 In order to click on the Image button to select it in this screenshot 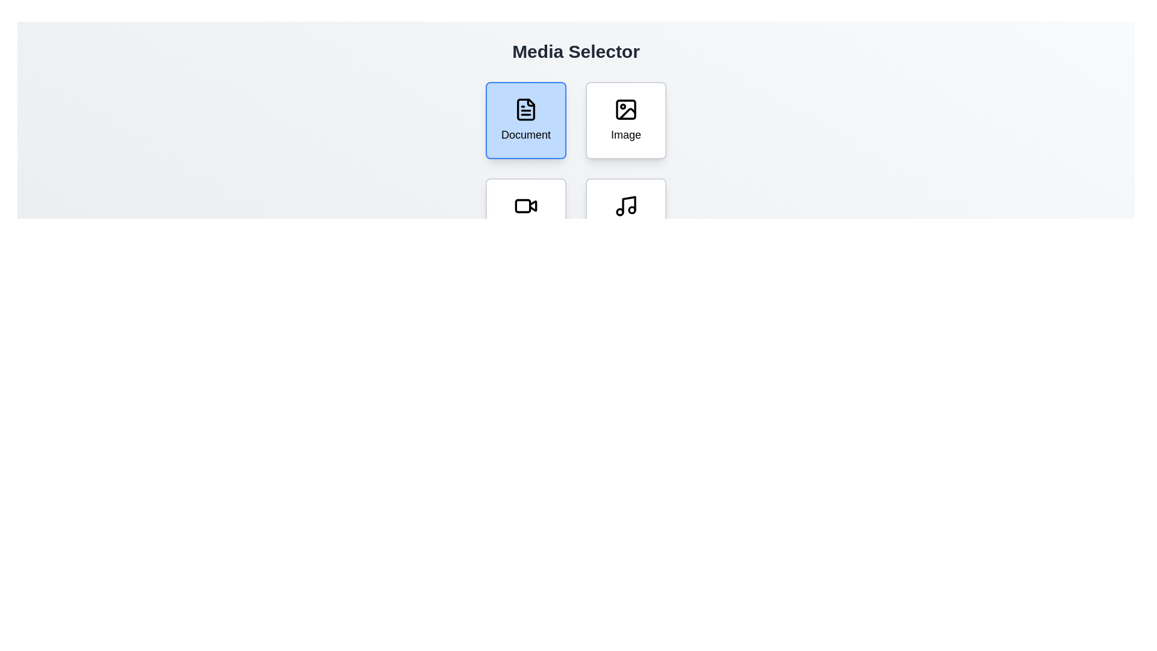, I will do `click(626, 121)`.